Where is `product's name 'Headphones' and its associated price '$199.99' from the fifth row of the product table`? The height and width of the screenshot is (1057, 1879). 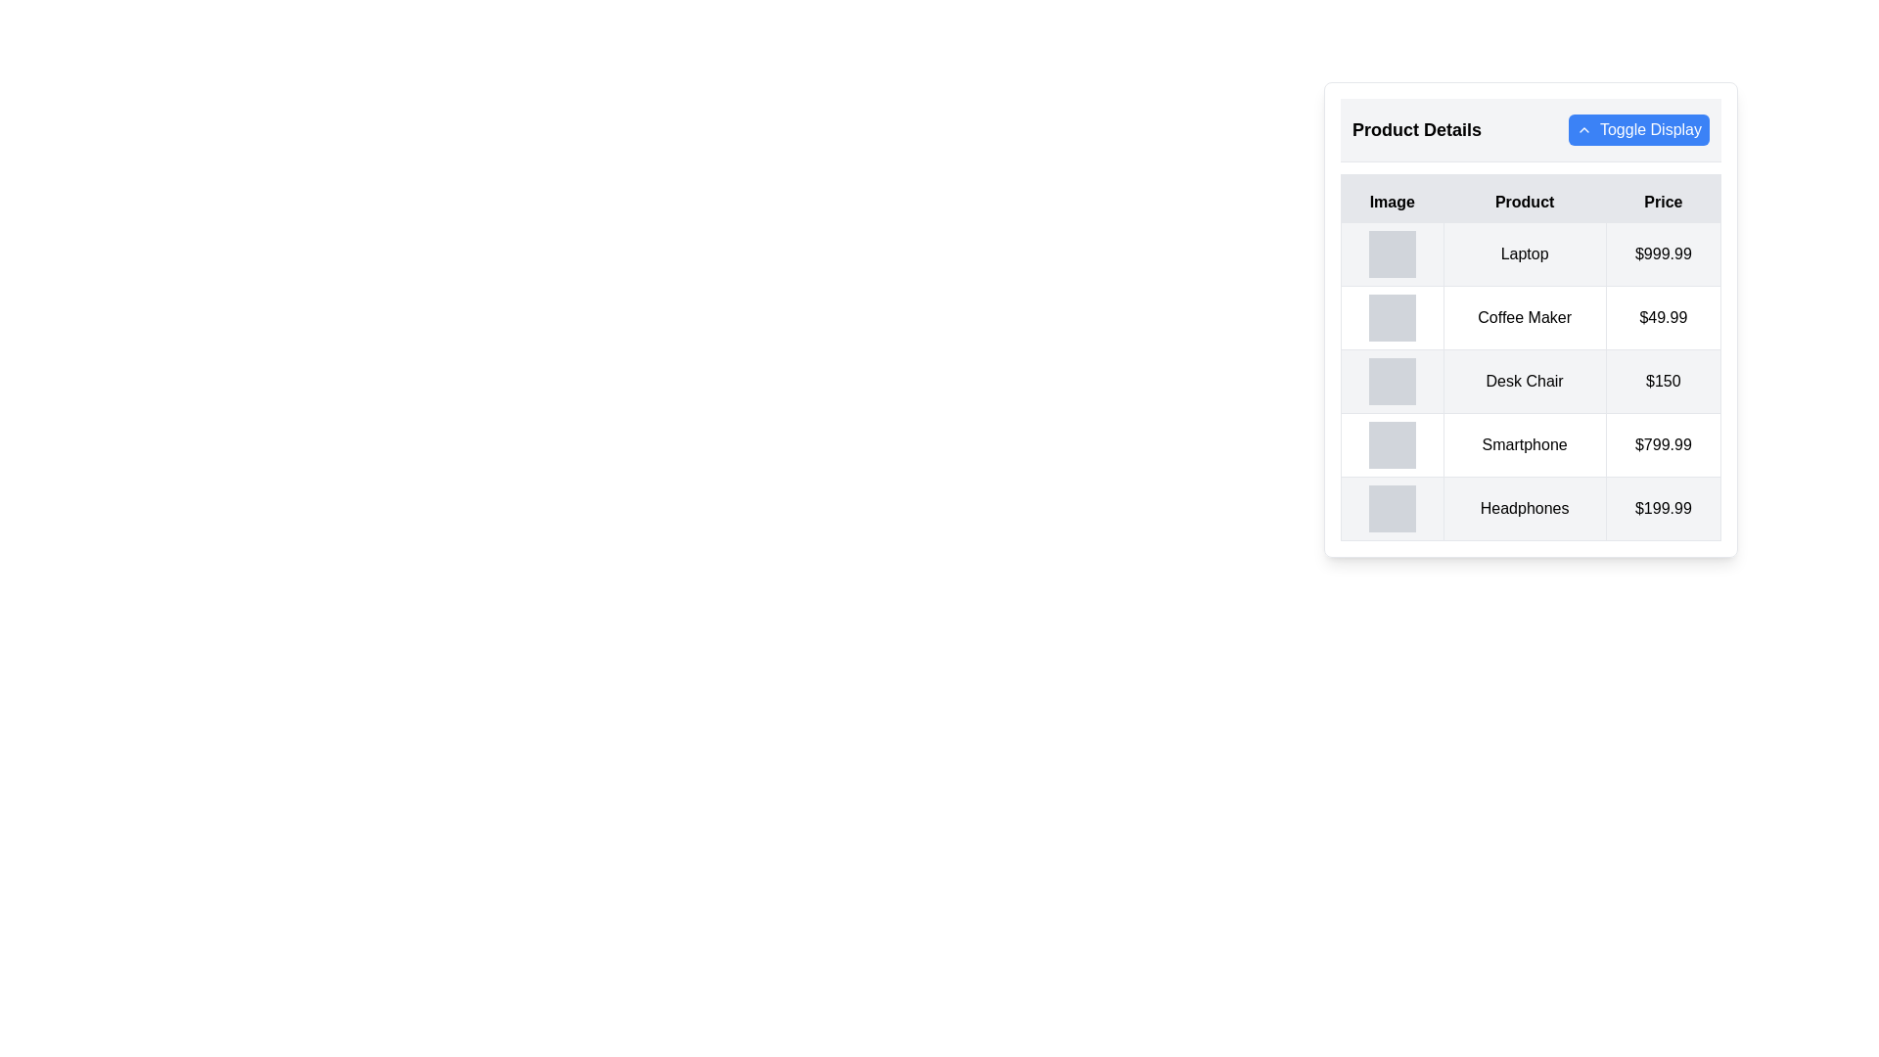
product's name 'Headphones' and its associated price '$199.99' from the fifth row of the product table is located at coordinates (1530, 508).